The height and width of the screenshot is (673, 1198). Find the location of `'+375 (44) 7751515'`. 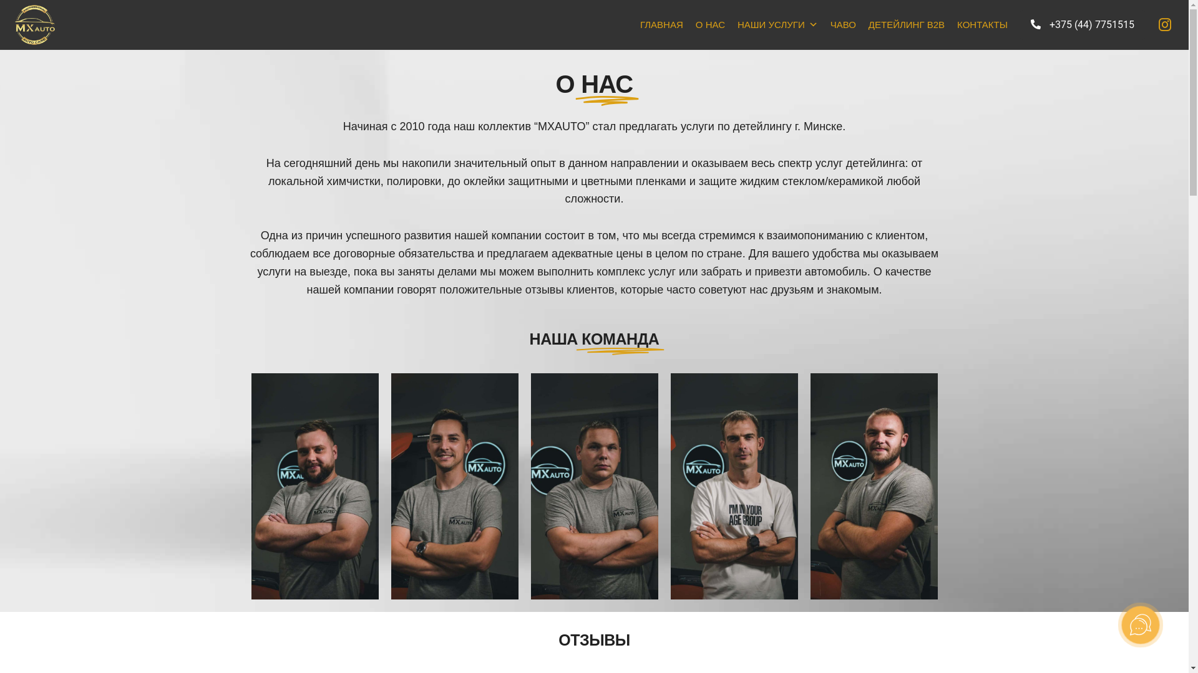

'+375 (44) 7751515' is located at coordinates (1081, 24).